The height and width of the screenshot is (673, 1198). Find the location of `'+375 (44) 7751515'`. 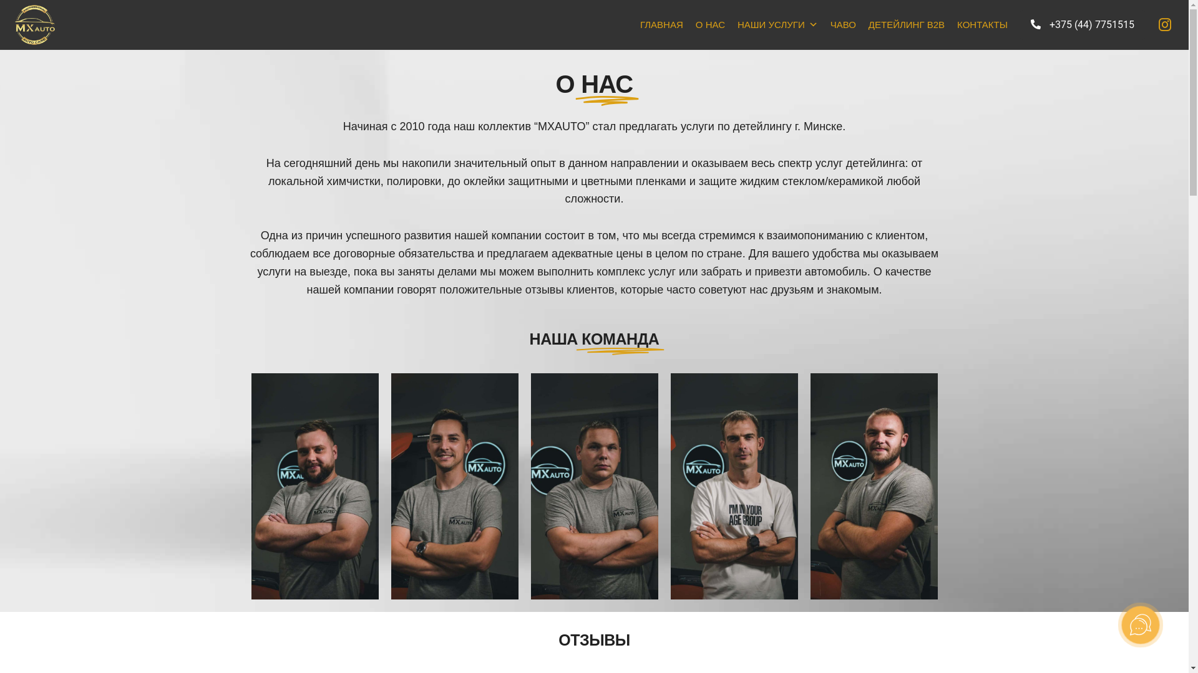

'+375 (44) 7751515' is located at coordinates (1081, 24).